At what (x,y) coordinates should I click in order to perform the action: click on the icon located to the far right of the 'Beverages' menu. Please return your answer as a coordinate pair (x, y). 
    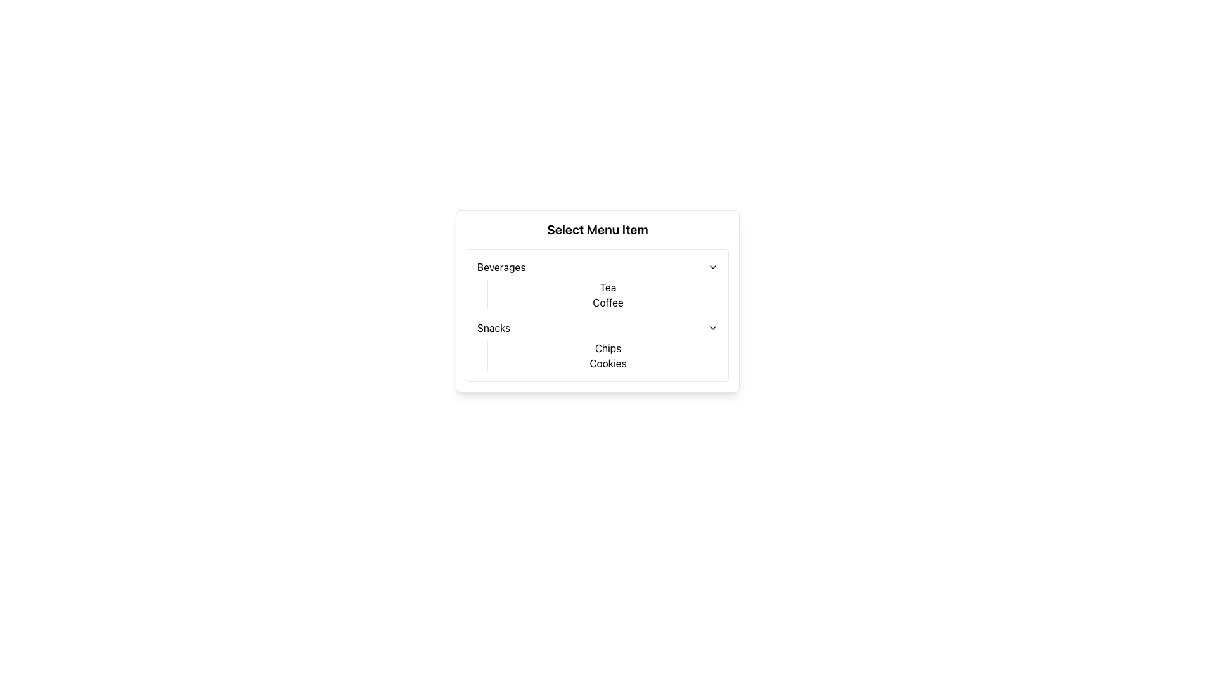
    Looking at the image, I should click on (712, 266).